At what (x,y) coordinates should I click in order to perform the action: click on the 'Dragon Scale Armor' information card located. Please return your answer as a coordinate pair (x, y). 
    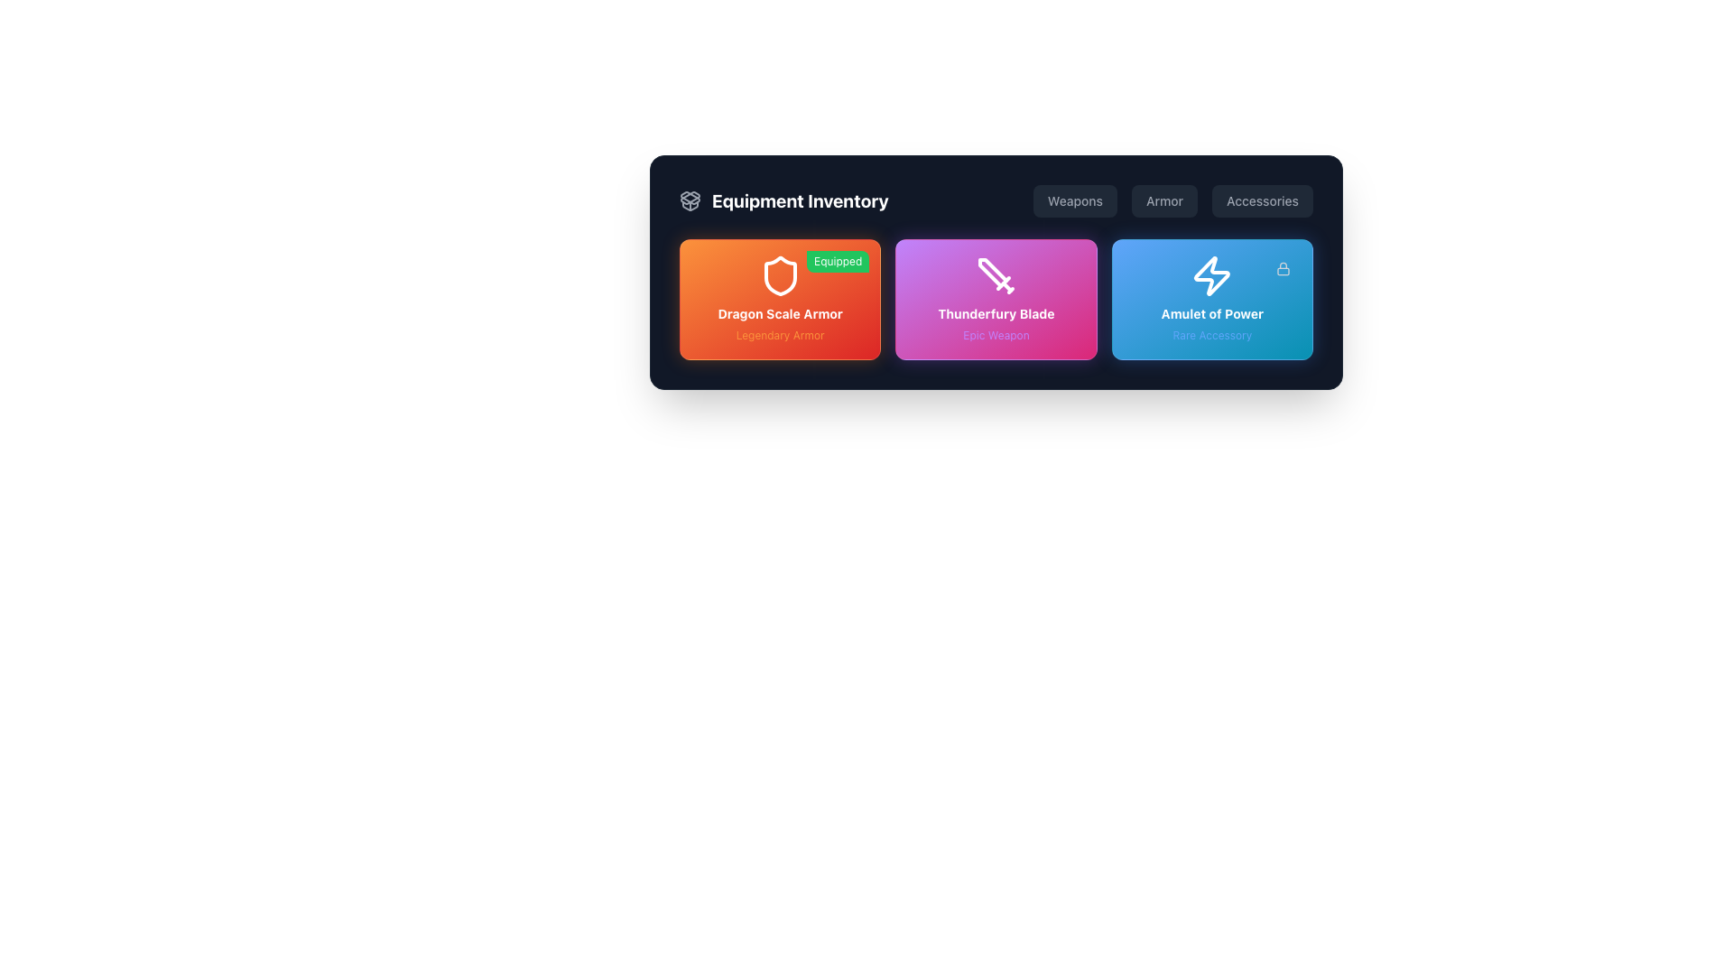
    Looking at the image, I should click on (780, 298).